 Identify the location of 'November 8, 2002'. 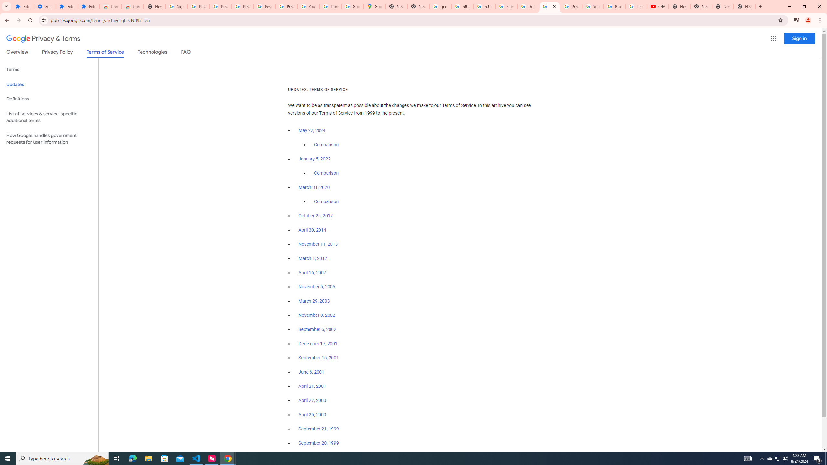
(316, 315).